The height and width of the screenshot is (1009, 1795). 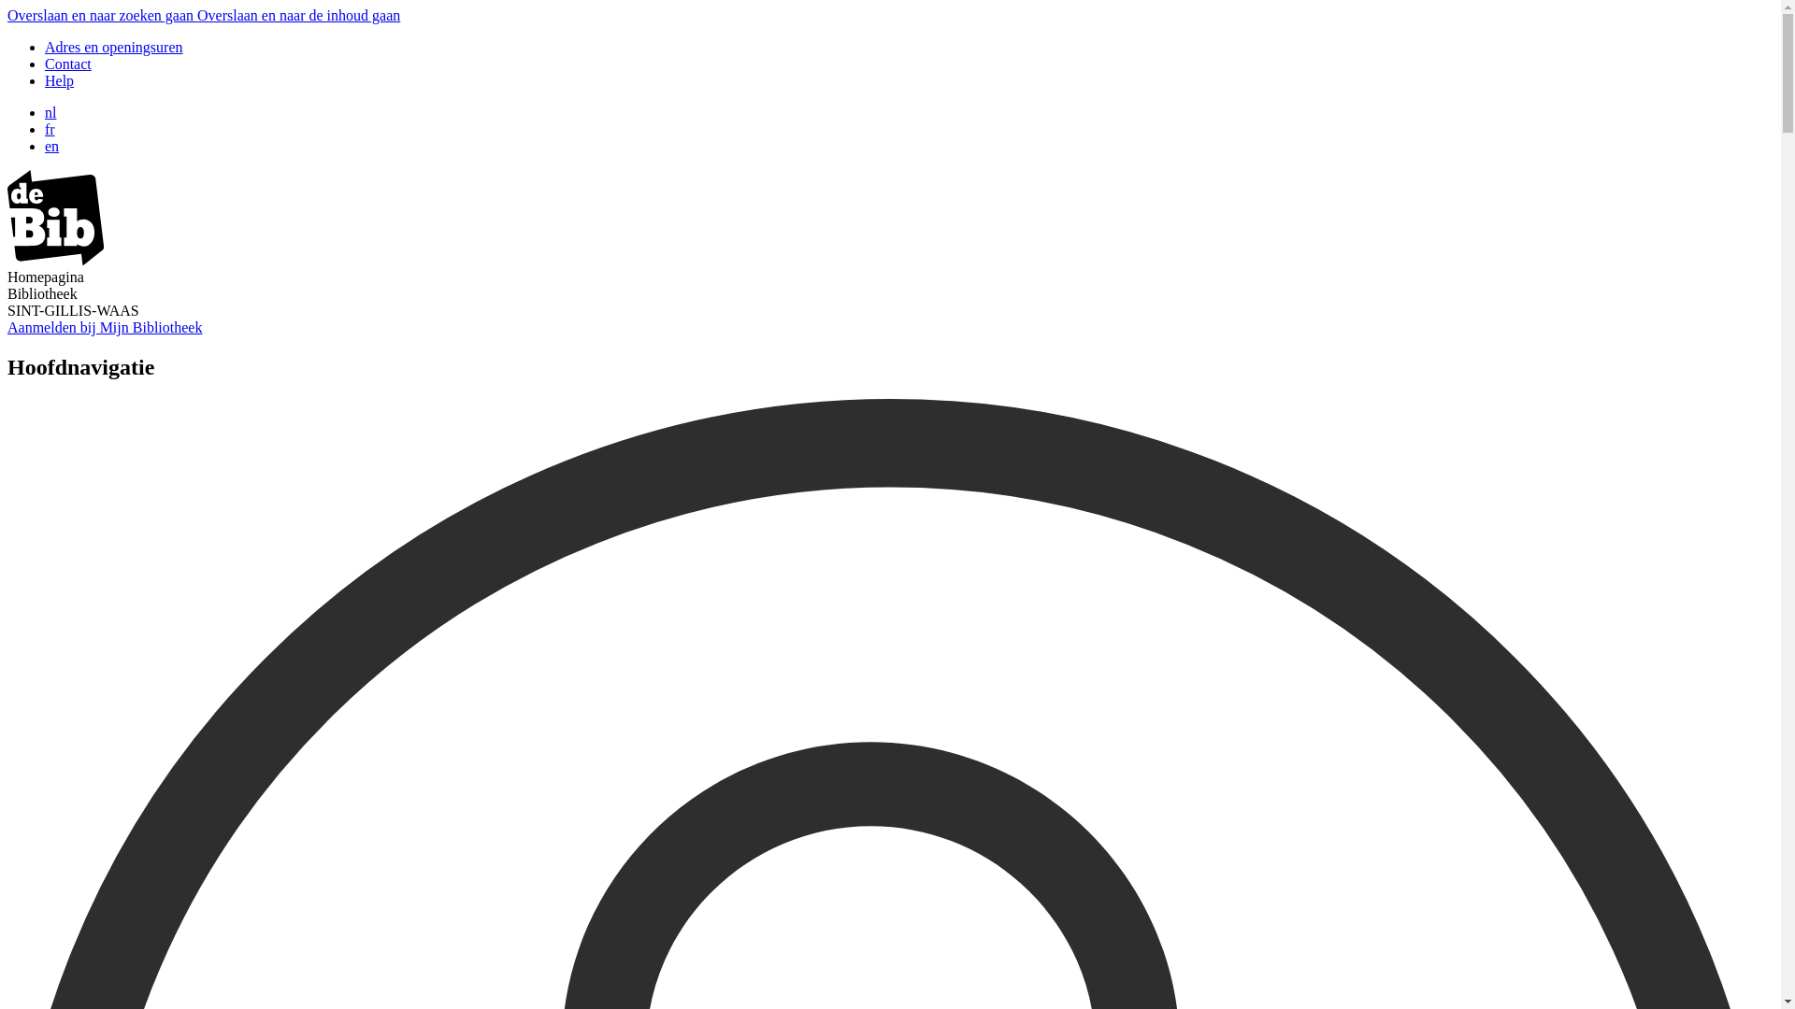 What do you see at coordinates (67, 63) in the screenshot?
I see `'Contact'` at bounding box center [67, 63].